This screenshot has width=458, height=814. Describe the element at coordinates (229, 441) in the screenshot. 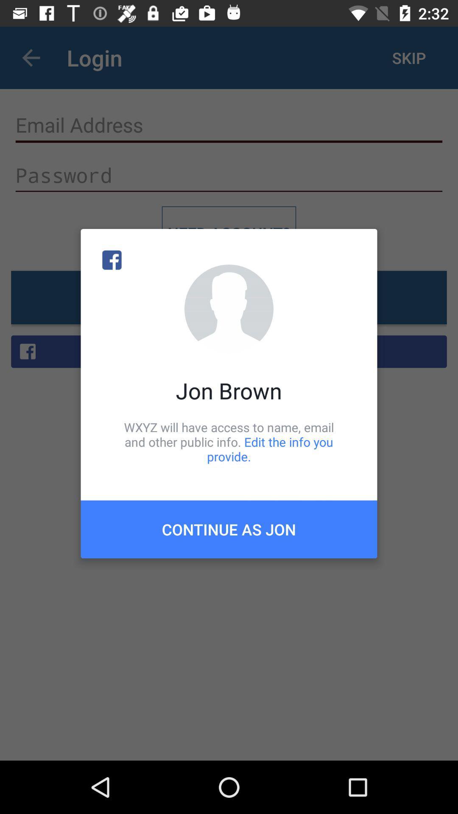

I see `the item below the jon brown` at that location.